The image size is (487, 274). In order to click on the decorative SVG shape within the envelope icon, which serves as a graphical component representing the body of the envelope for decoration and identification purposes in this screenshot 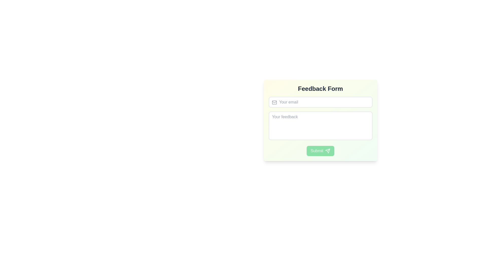, I will do `click(274, 102)`.